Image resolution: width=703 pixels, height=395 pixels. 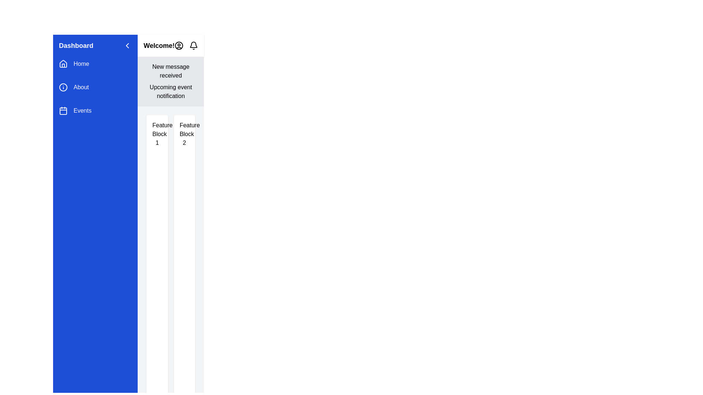 What do you see at coordinates (186, 45) in the screenshot?
I see `the notification bell icon located within the compact group of icons next to the 'Welcome!' text in the upper-right section of the header area` at bounding box center [186, 45].